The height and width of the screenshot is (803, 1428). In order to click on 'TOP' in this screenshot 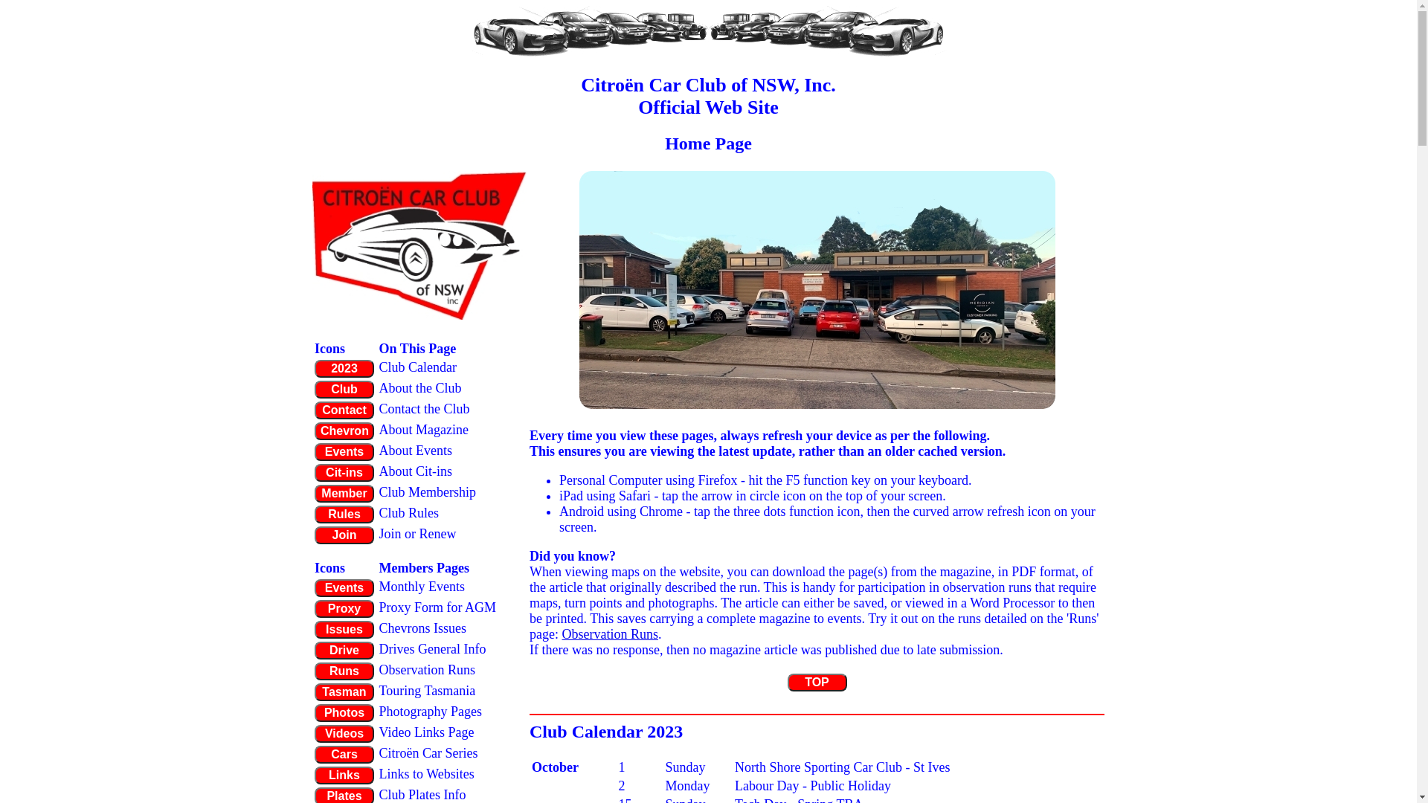, I will do `click(785, 683)`.